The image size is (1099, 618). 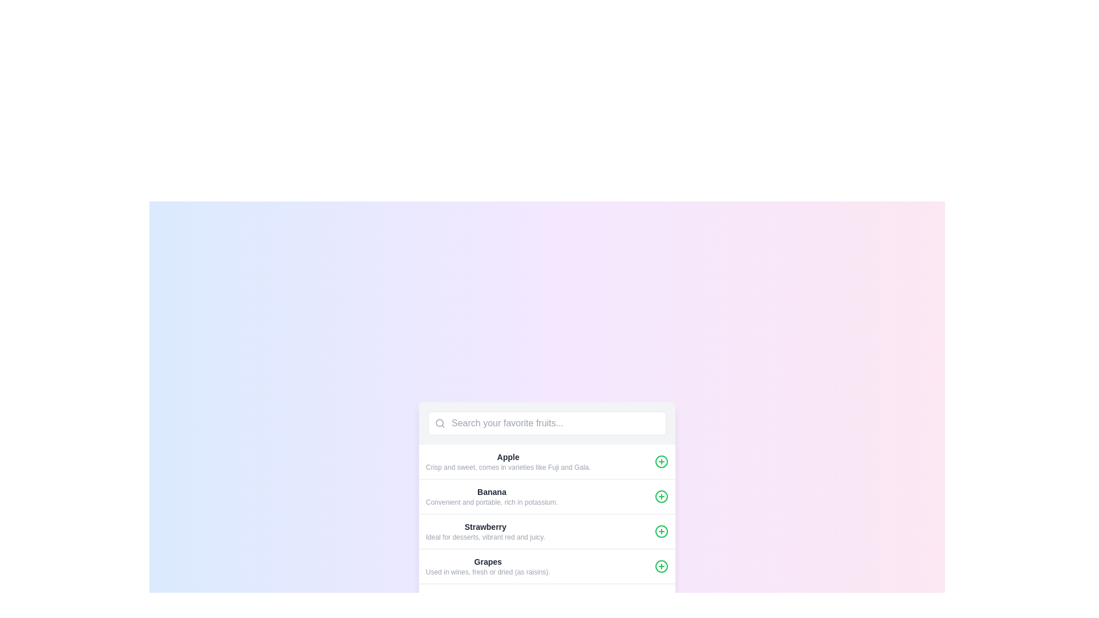 I want to click on the interactive button located on the far-right side of the row associated with 'Apple', so click(x=662, y=461).